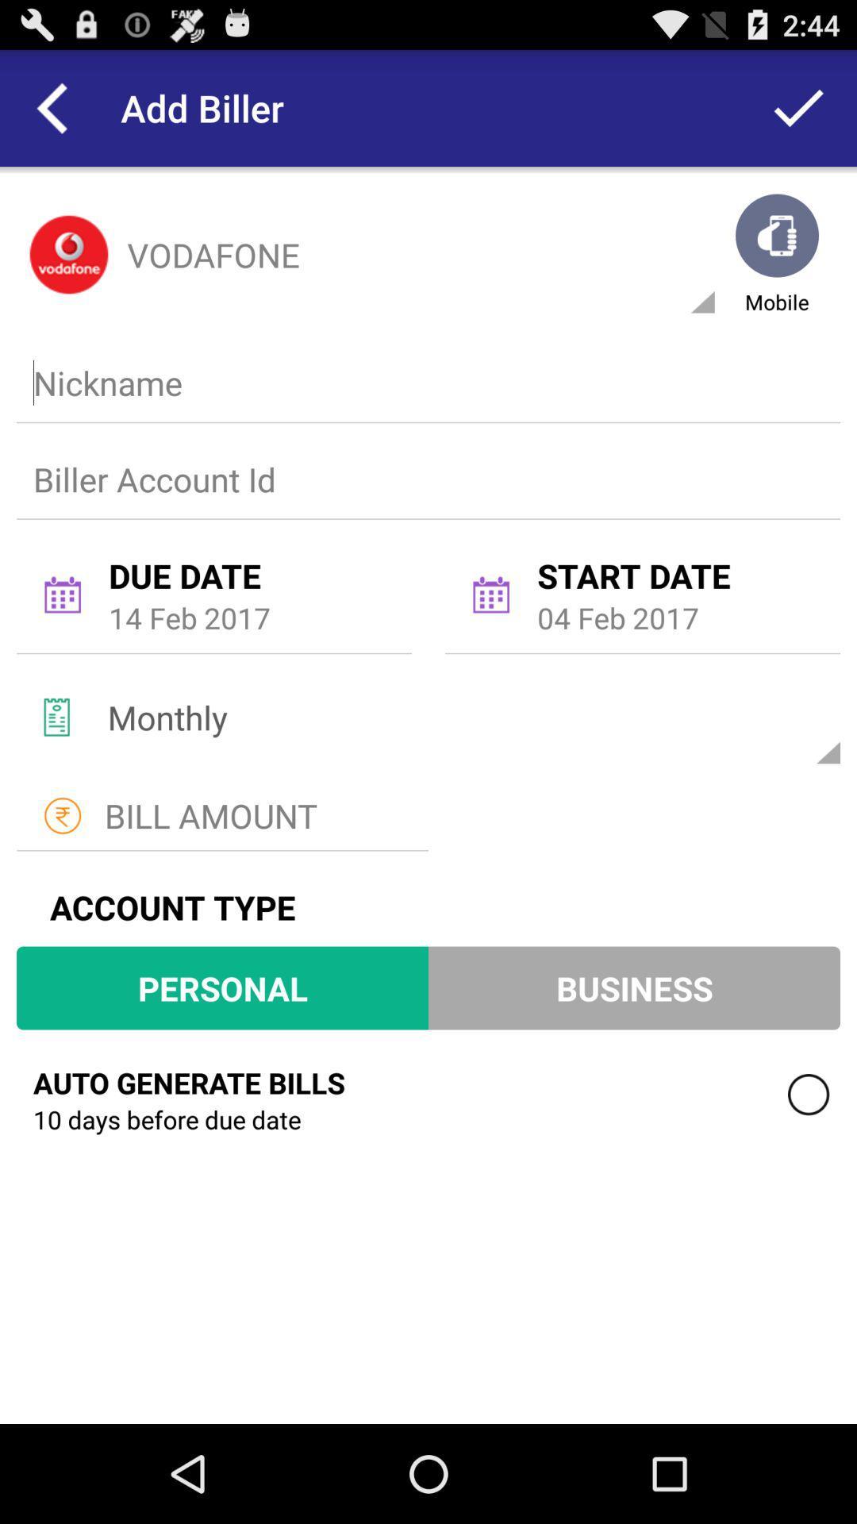 Image resolution: width=857 pixels, height=1524 pixels. Describe the element at coordinates (425, 383) in the screenshot. I see `the first text box which says nickname` at that location.